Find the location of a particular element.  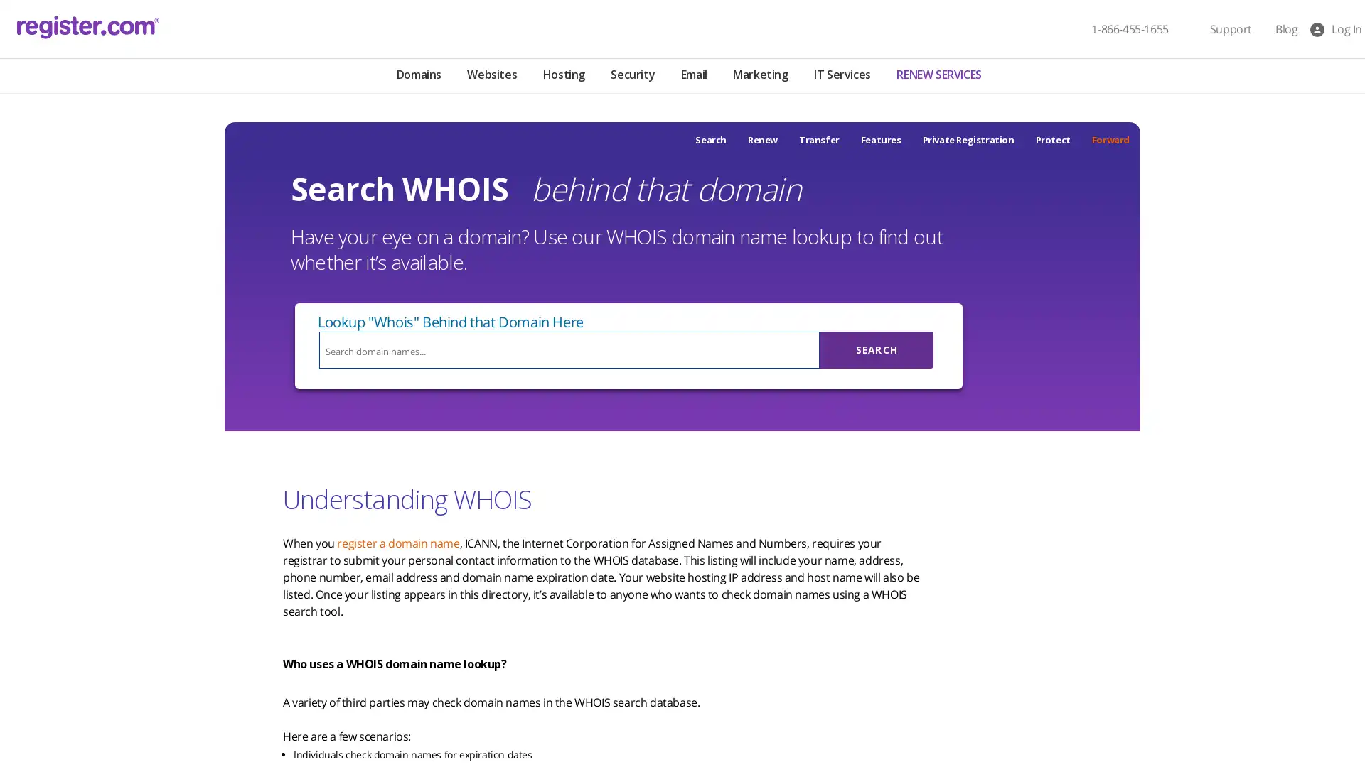

Close is located at coordinates (259, 571).